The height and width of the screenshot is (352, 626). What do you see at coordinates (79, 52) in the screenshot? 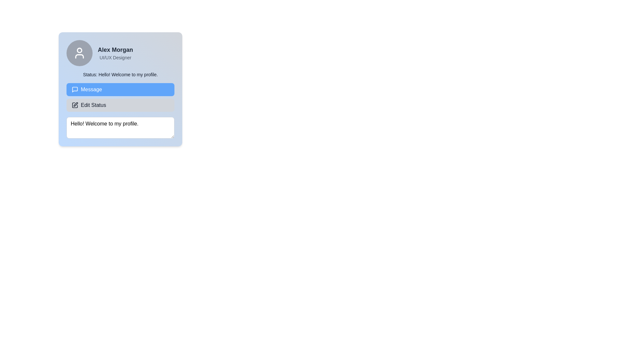
I see `the Profile image placeholder located in the top-left corner of the user card, above the text 'Alex Morgan' and 'UI/UX Designer'` at bounding box center [79, 52].